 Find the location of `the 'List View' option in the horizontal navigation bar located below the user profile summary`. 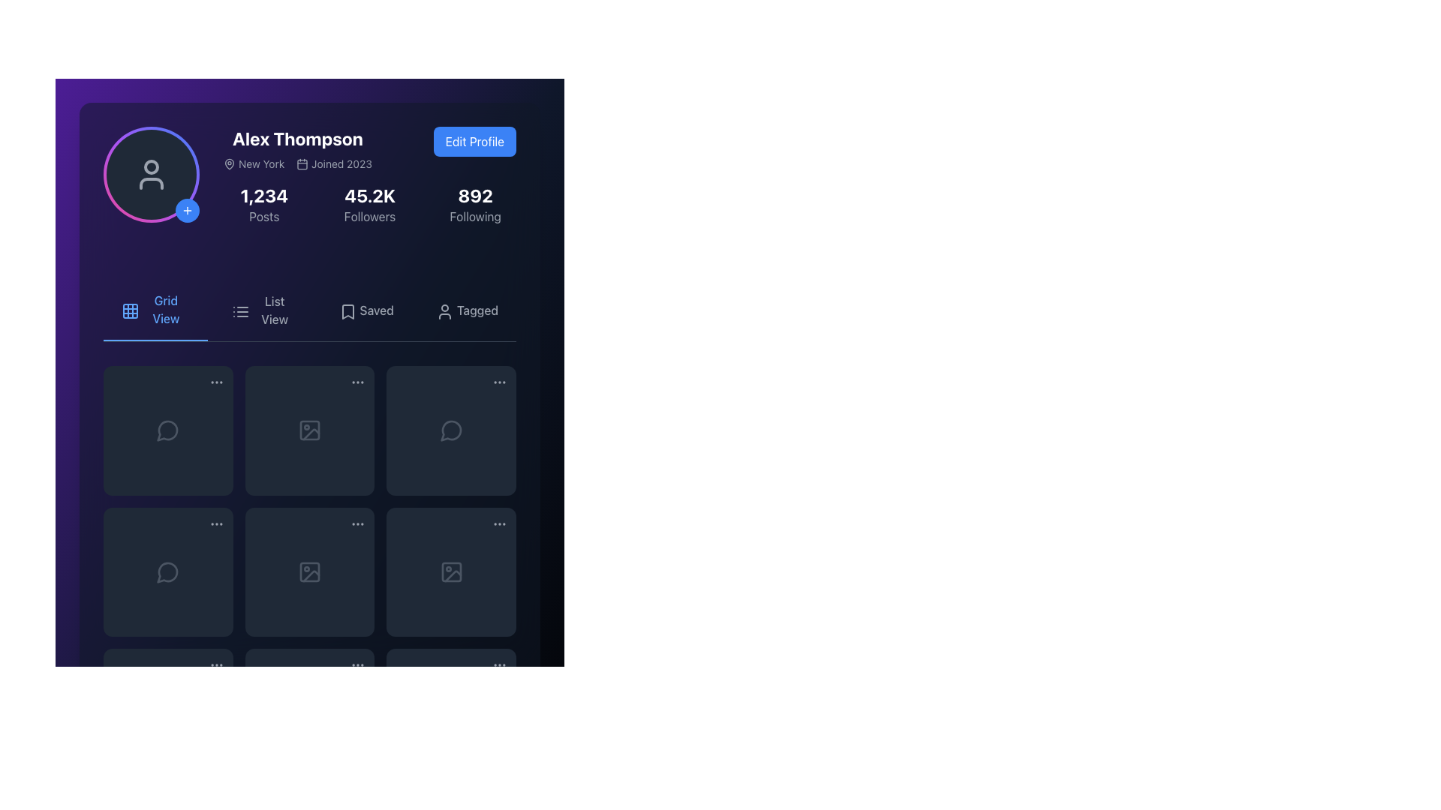

the 'List View' option in the horizontal navigation bar located below the user profile summary is located at coordinates (308, 310).